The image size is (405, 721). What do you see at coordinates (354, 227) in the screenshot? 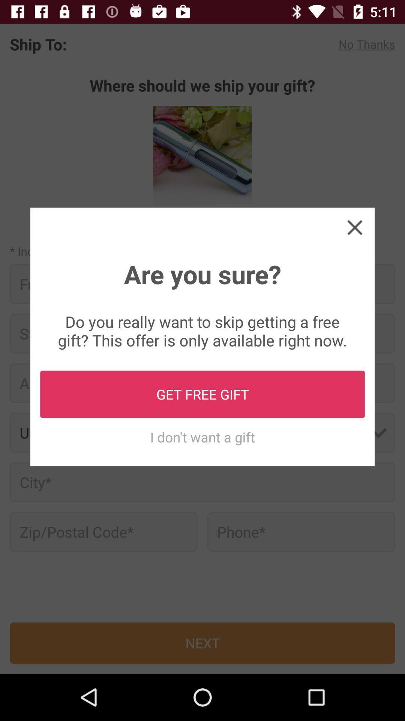
I see `closing option` at bounding box center [354, 227].